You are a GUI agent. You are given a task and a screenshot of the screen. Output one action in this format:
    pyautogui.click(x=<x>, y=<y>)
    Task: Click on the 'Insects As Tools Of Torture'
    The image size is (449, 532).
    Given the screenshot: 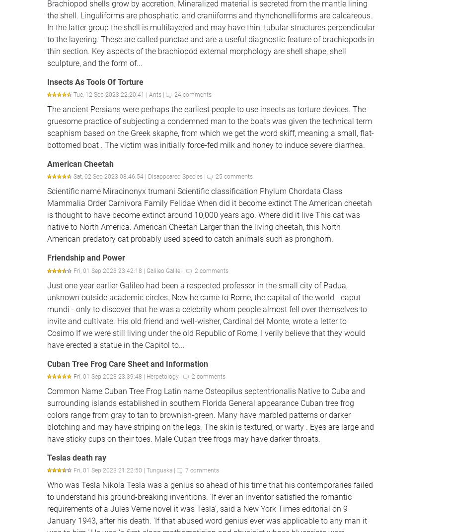 What is the action you would take?
    pyautogui.click(x=95, y=81)
    